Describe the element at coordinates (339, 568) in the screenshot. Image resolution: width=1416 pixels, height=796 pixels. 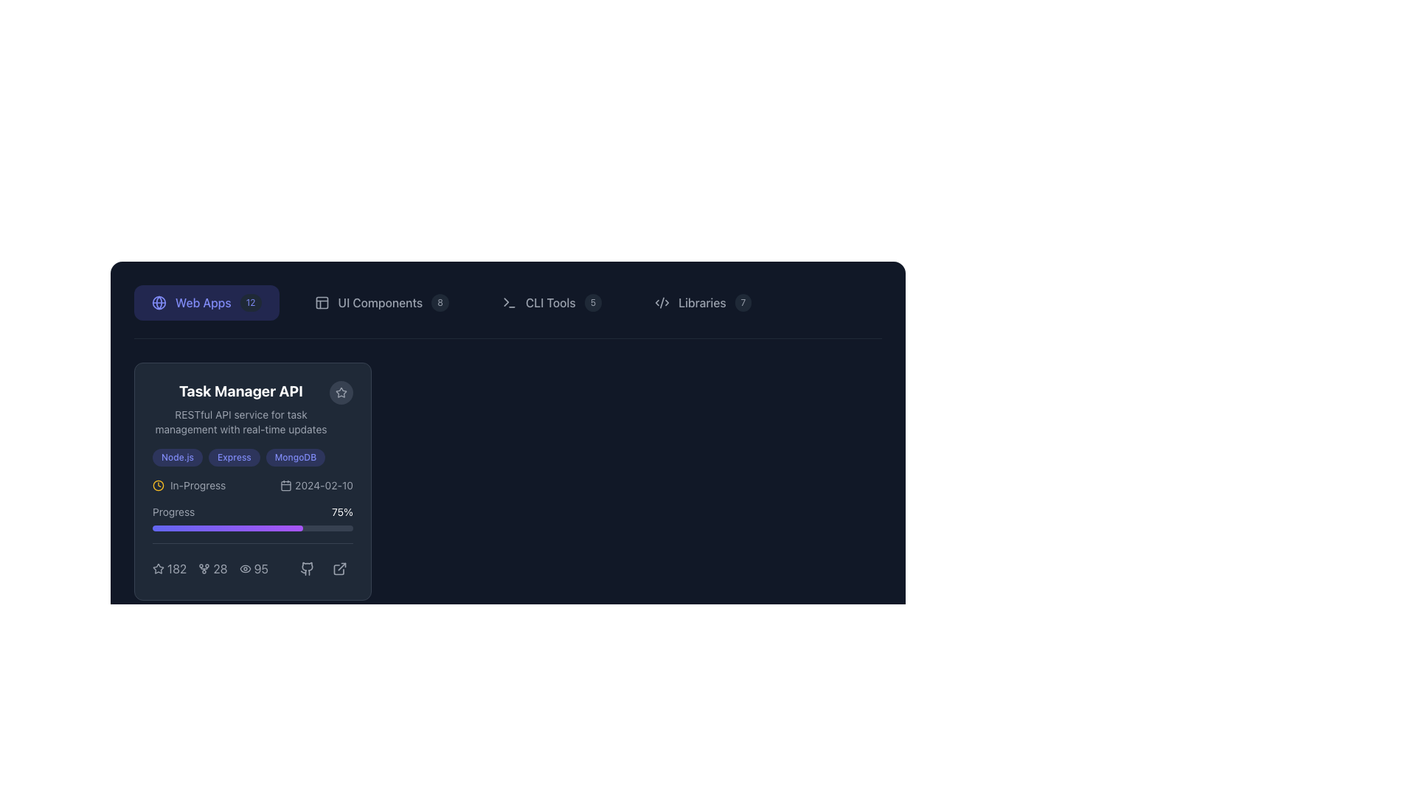
I see `the external link icon button located at the far right beneath the 'Task Manager API' card` at that location.